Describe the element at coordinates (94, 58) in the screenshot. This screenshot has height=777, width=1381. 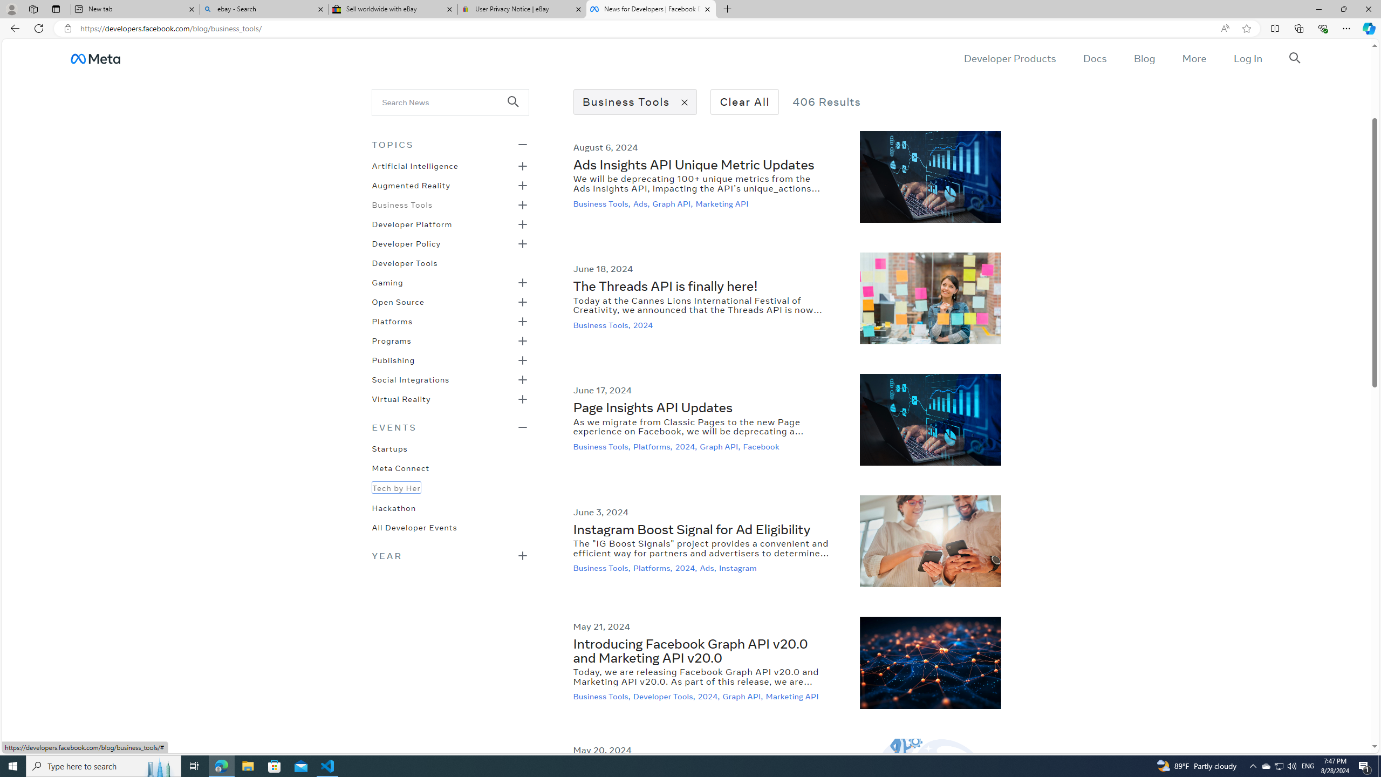
I see `'AutomationID: u_0_4z_2S'` at that location.